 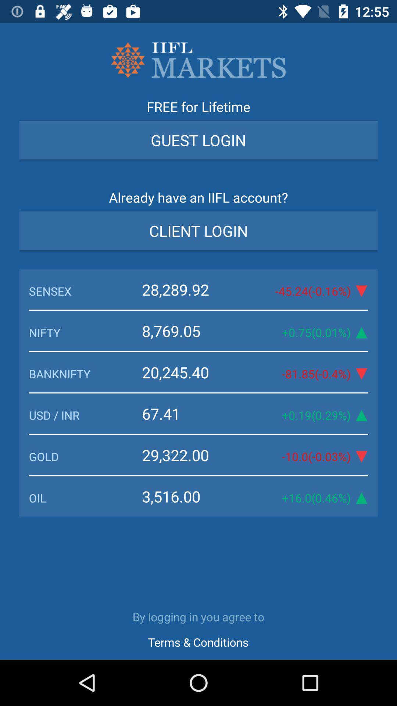 What do you see at coordinates (198, 200) in the screenshot?
I see `already have an icon` at bounding box center [198, 200].